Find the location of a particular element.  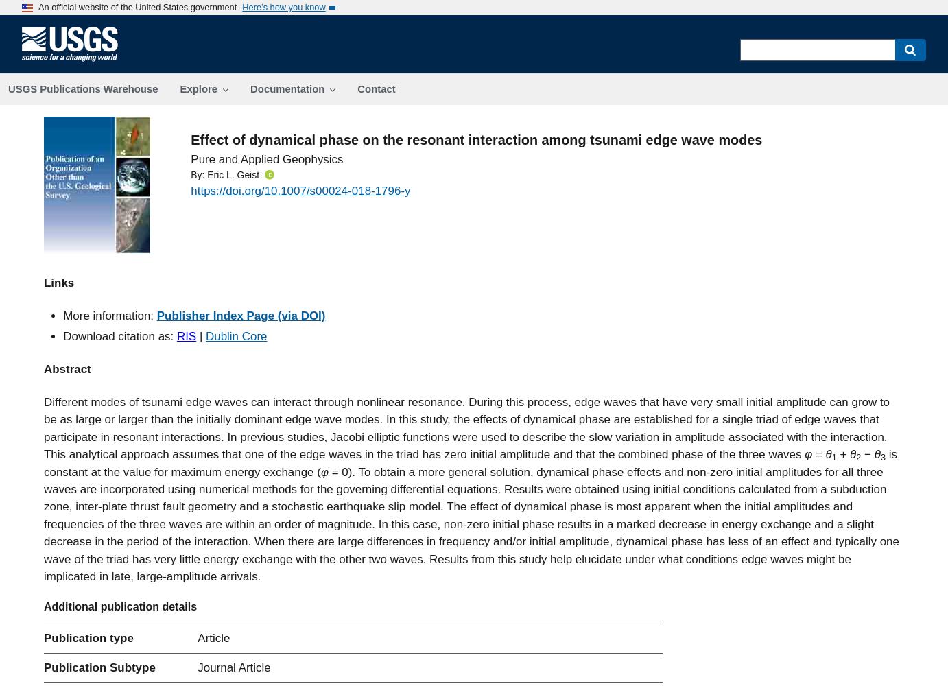

'2' is located at coordinates (857, 457).